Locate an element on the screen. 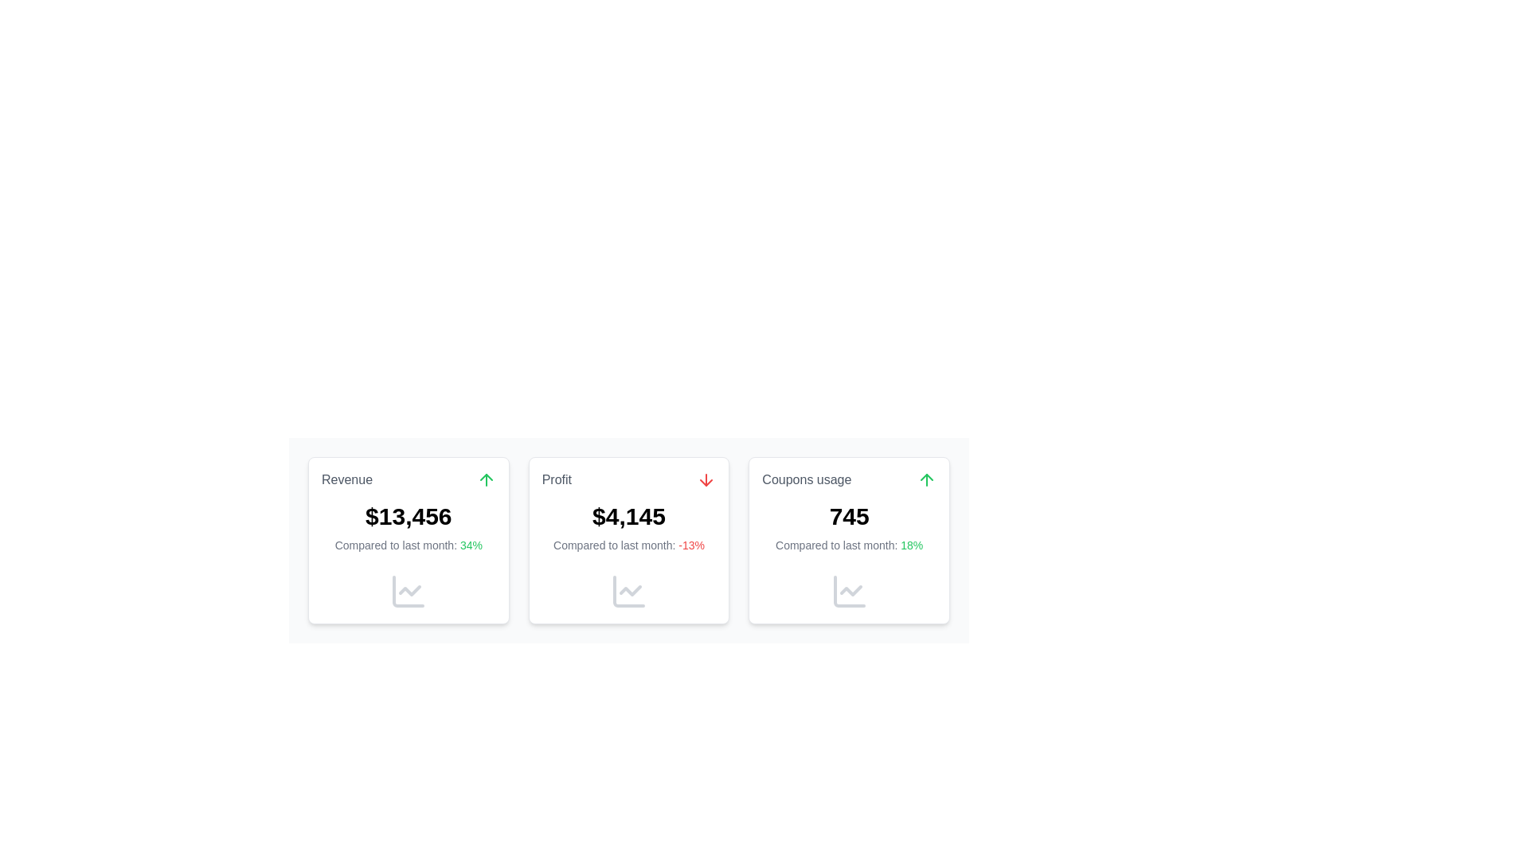  the profit value text label located within the 'Profit' card, which is the second element in a row of three statistic cards, positioned below the title 'Profit' is located at coordinates (628, 516).